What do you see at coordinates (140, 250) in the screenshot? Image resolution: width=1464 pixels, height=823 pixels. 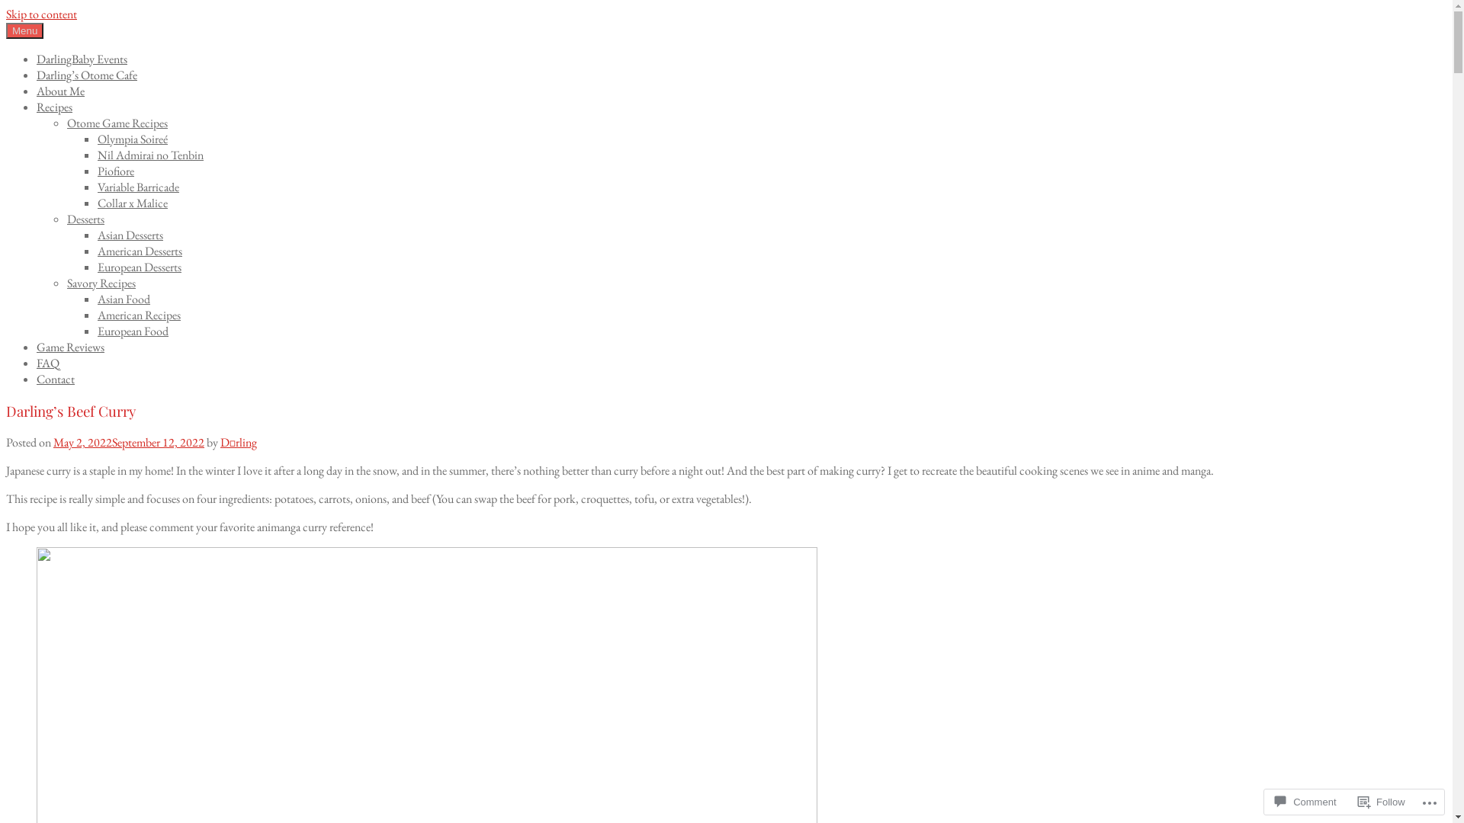 I see `'American Desserts'` at bounding box center [140, 250].